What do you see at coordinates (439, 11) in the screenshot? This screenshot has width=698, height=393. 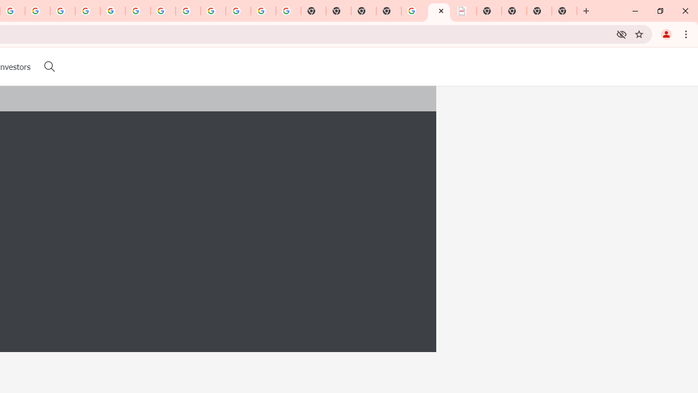 I see `'LAAD Defence & Security 2025 | BAE Systems'` at bounding box center [439, 11].